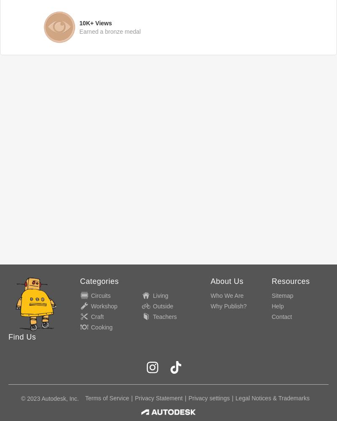  I want to click on 'Sitemap', so click(282, 295).